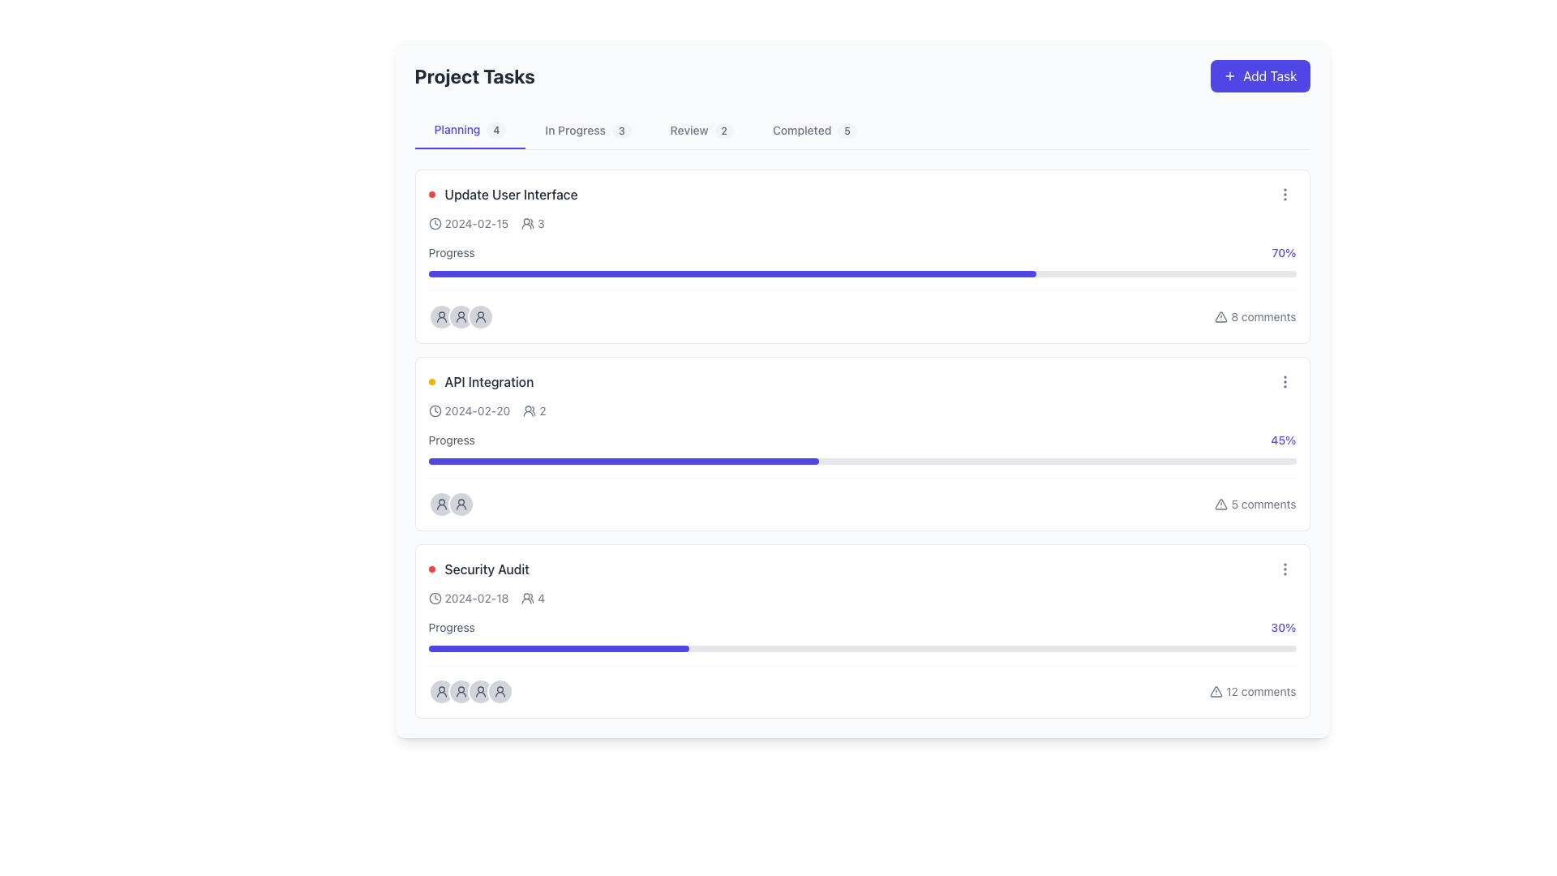 Image resolution: width=1557 pixels, height=876 pixels. I want to click on the first icon (Avatar Placeholder) located in the bottom-left of the user icons under the 'Security Audit' task, so click(441, 691).